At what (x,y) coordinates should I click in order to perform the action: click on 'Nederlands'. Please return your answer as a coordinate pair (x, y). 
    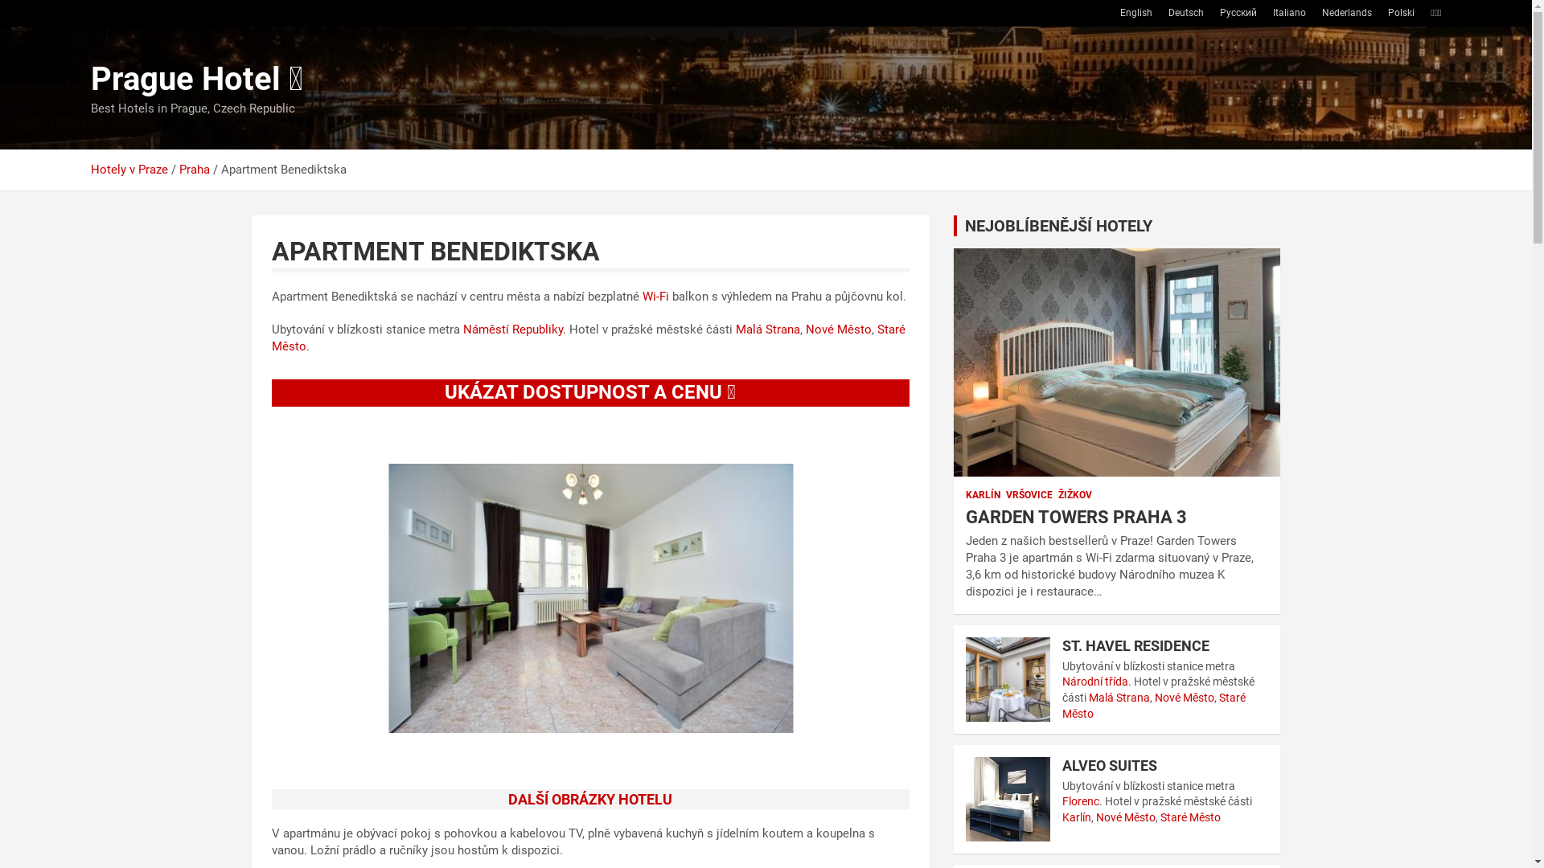
    Looking at the image, I should click on (1347, 13).